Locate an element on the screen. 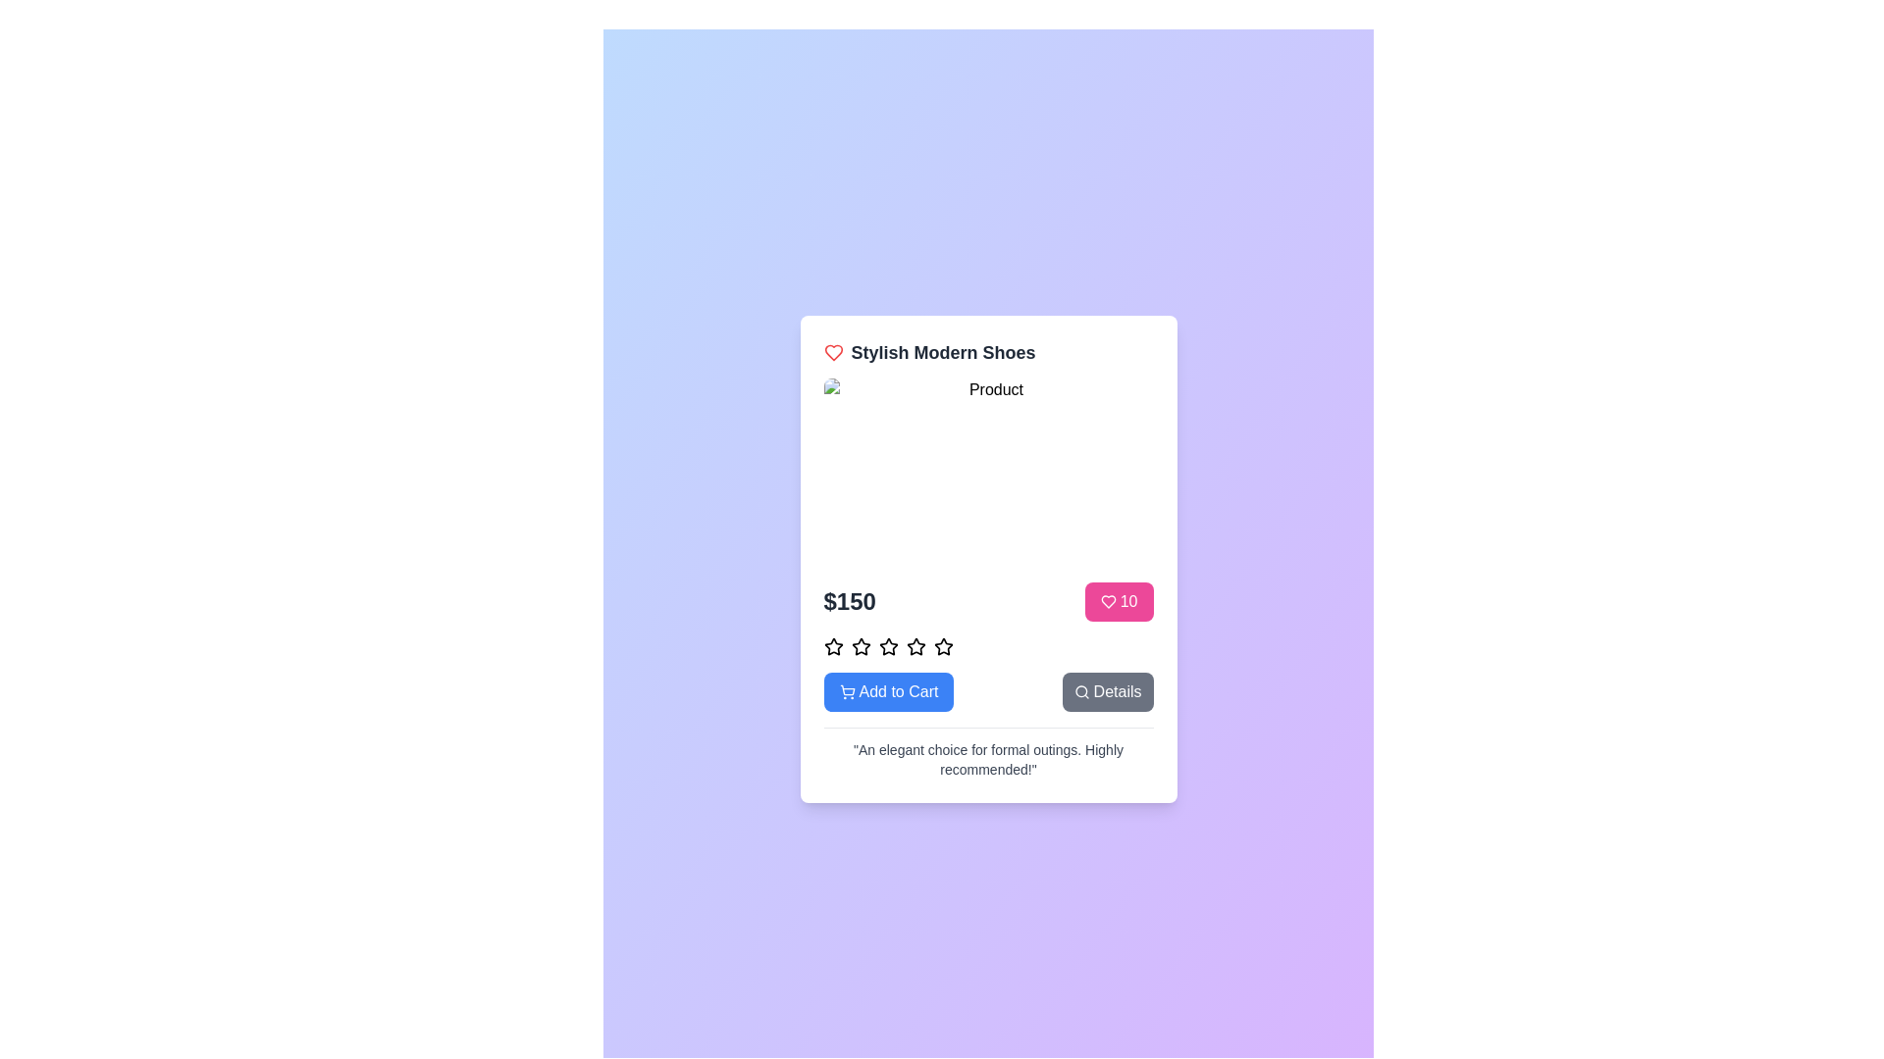 The width and height of the screenshot is (1884, 1059). the fifth star icon in the 5-star rating component is located at coordinates (943, 646).